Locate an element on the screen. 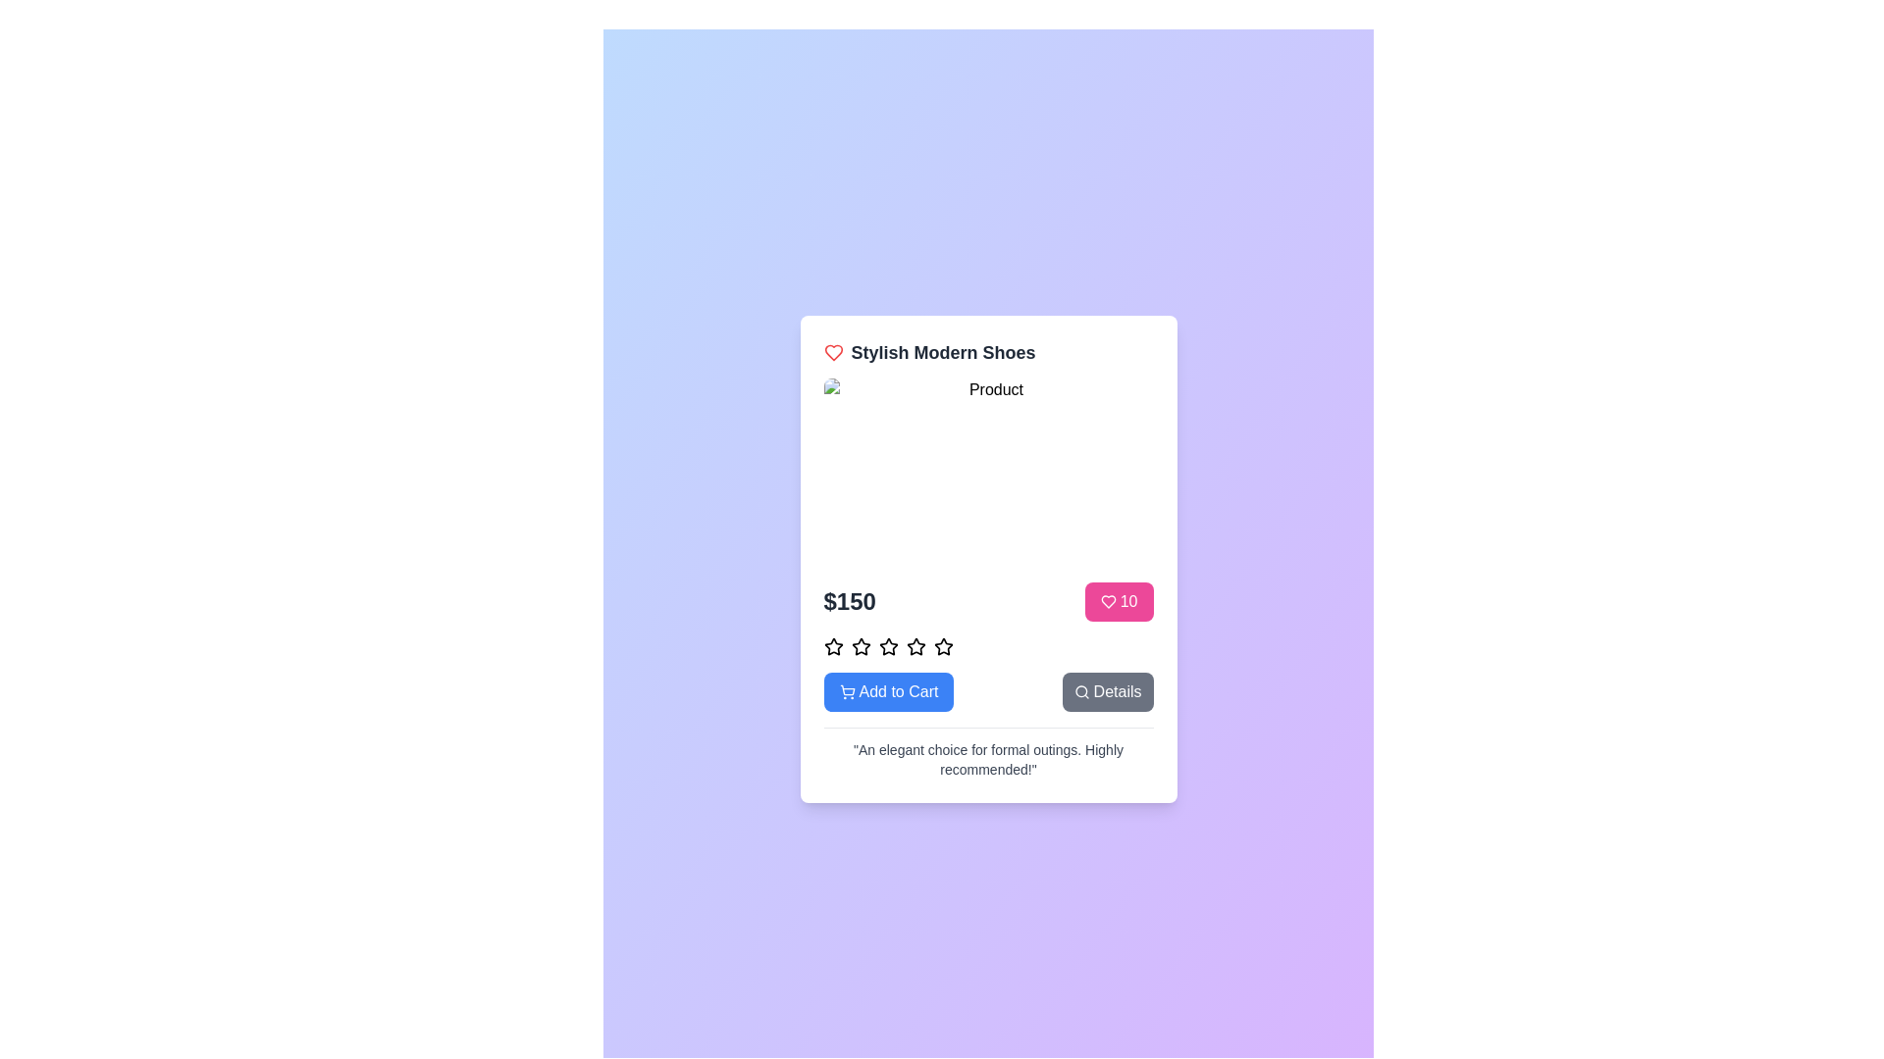 The width and height of the screenshot is (1884, 1059). the fifth star icon in the 5-star rating component is located at coordinates (943, 646).